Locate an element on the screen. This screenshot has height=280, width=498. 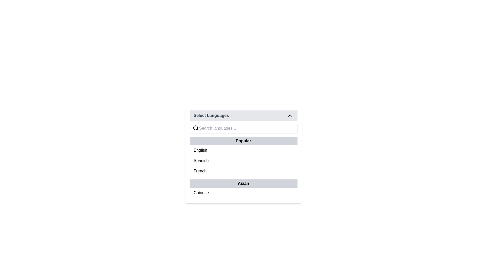
the 'French' language option in the dropdown menu, which is the third item in the 'Popular' category is located at coordinates (200, 171).